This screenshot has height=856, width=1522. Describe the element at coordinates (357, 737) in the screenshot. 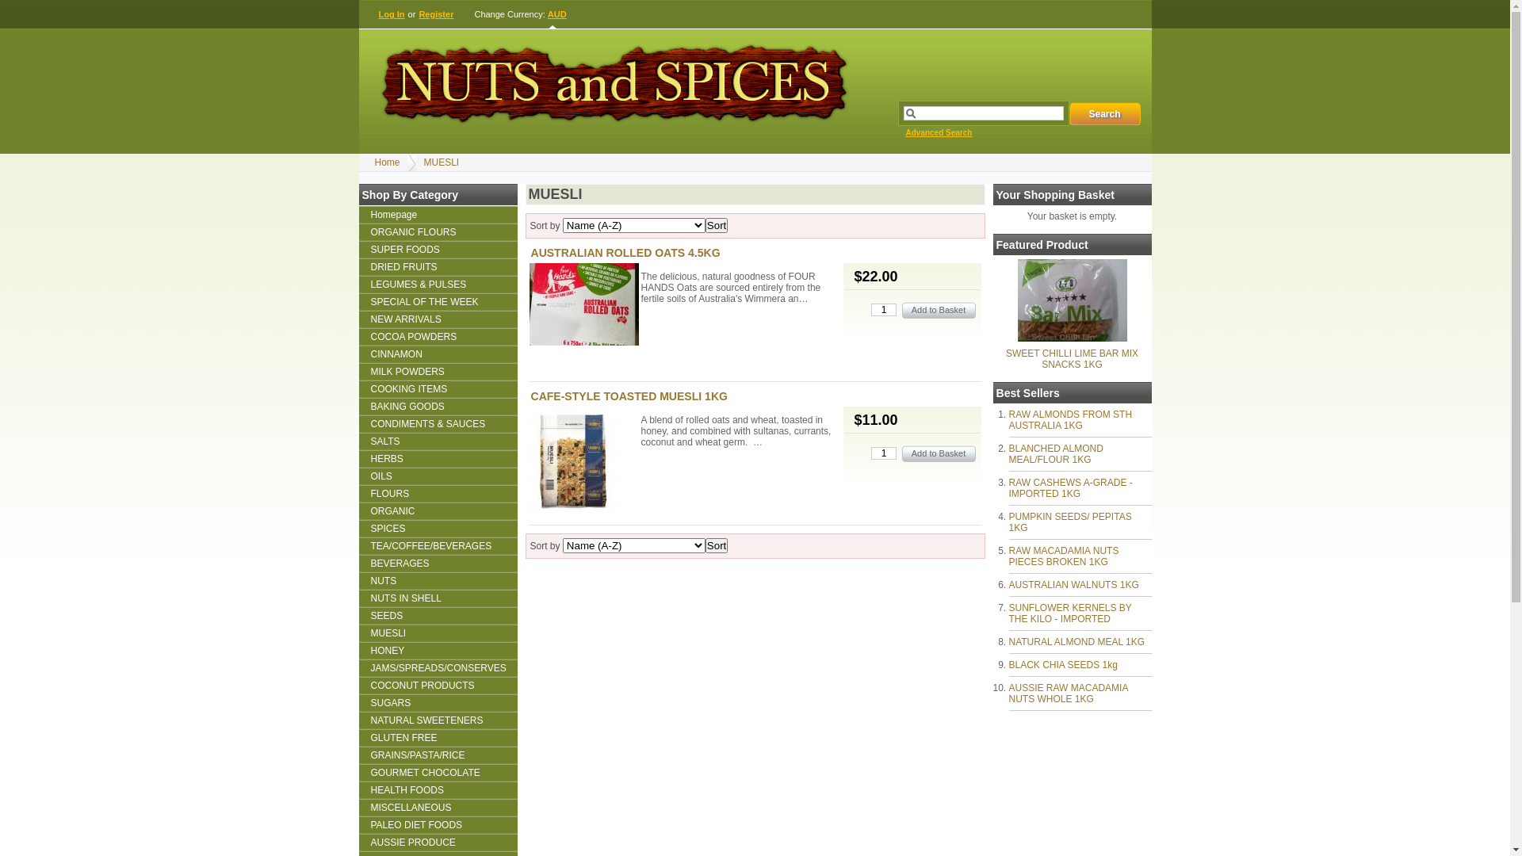

I see `'GLUTEN FREE'` at that location.